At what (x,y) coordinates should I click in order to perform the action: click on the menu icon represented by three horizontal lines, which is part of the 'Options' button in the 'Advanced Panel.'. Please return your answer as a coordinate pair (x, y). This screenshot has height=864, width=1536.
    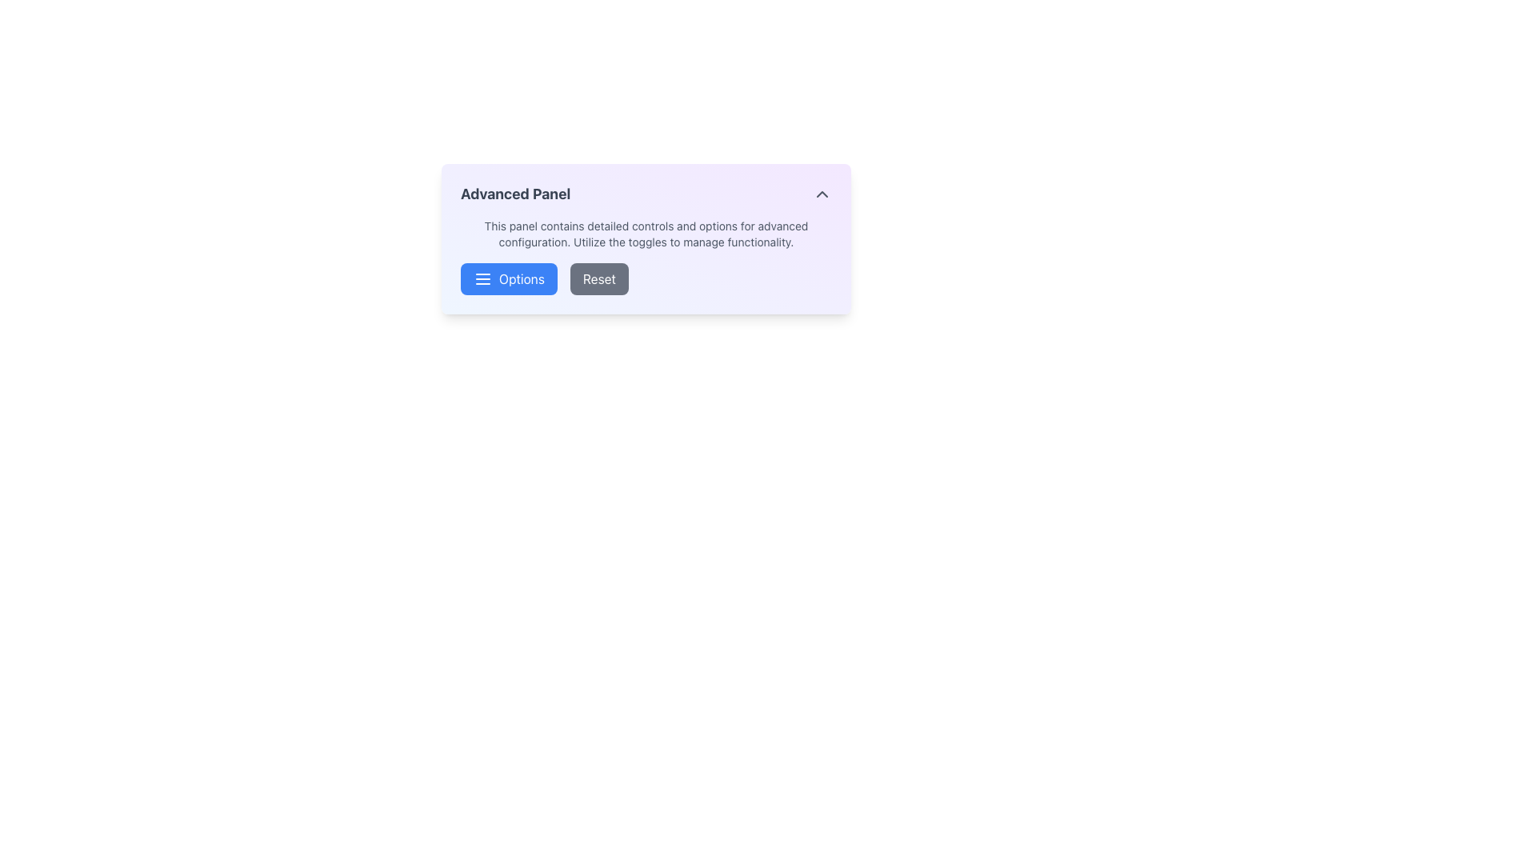
    Looking at the image, I should click on (482, 278).